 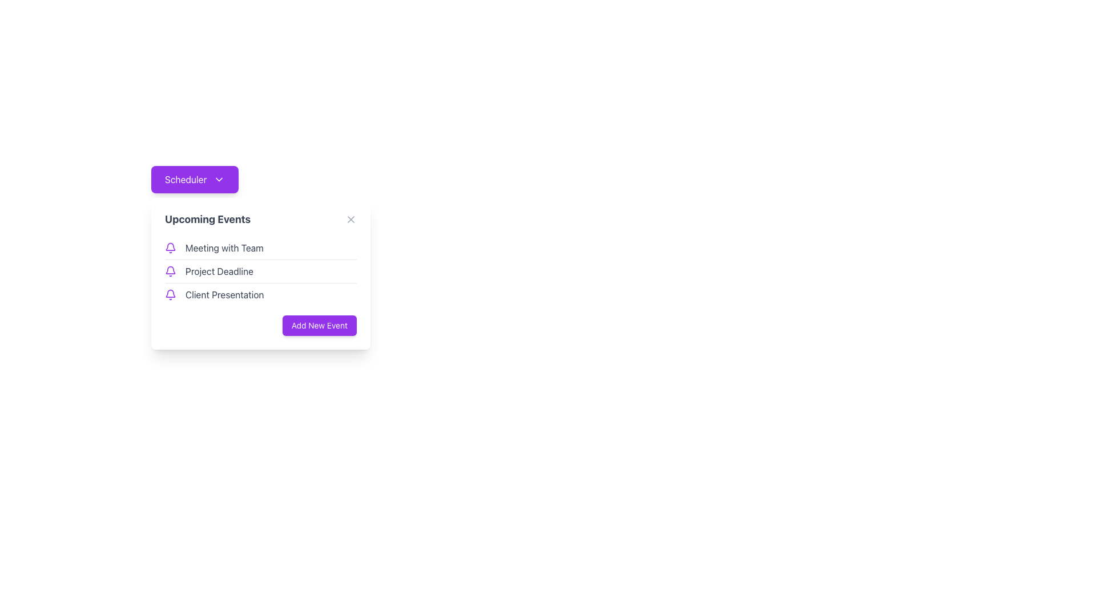 What do you see at coordinates (260, 294) in the screenshot?
I see `the purple bell icon of the 'Client Presentation' list item` at bounding box center [260, 294].